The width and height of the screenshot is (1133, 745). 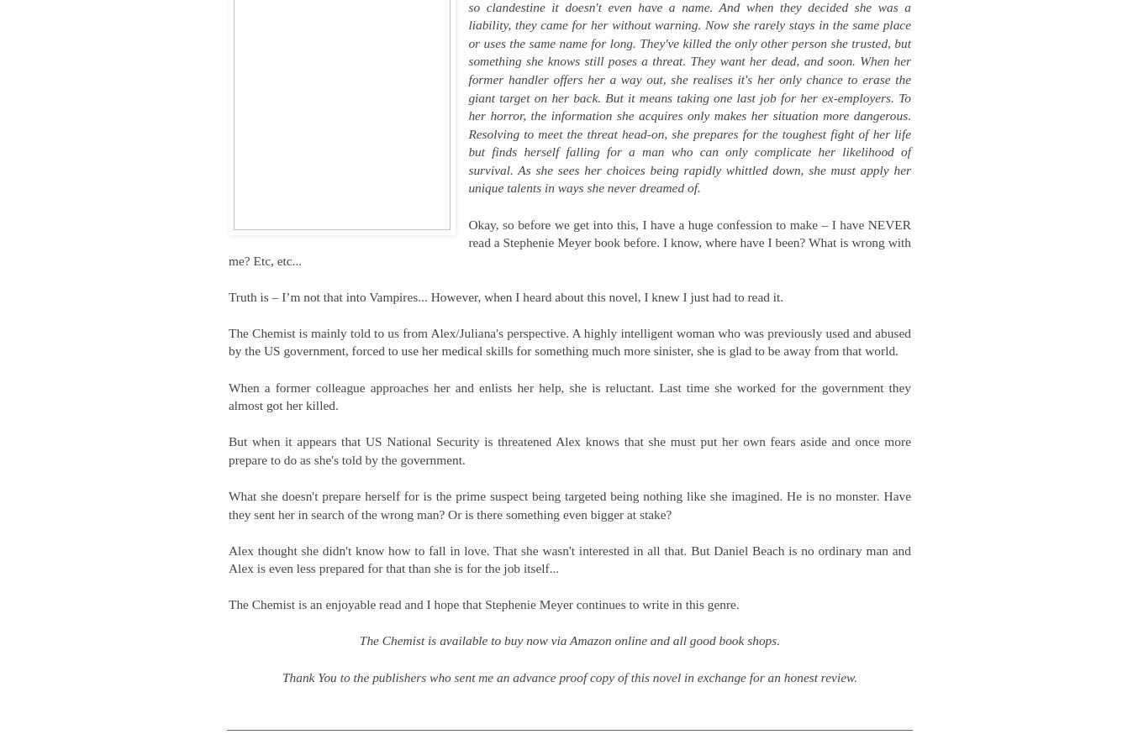 I want to click on 'Thank You to the publishers who sent me an advance proof copy of this novel in exchange for an honest review.', so click(x=568, y=676).